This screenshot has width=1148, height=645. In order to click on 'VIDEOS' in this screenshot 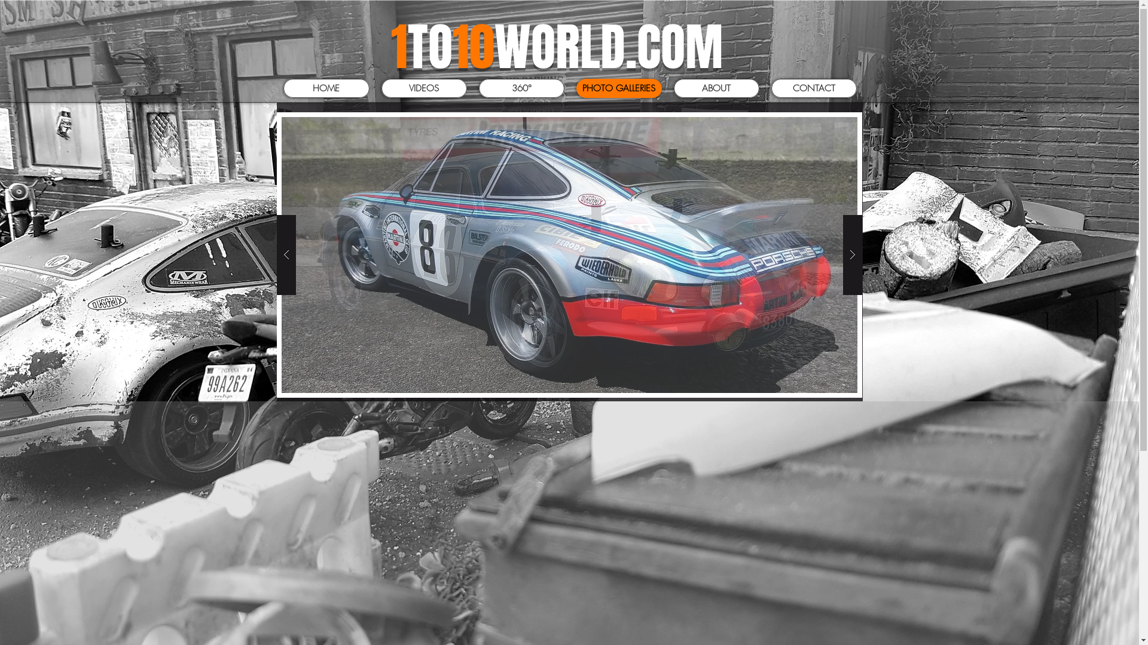, I will do `click(424, 87)`.